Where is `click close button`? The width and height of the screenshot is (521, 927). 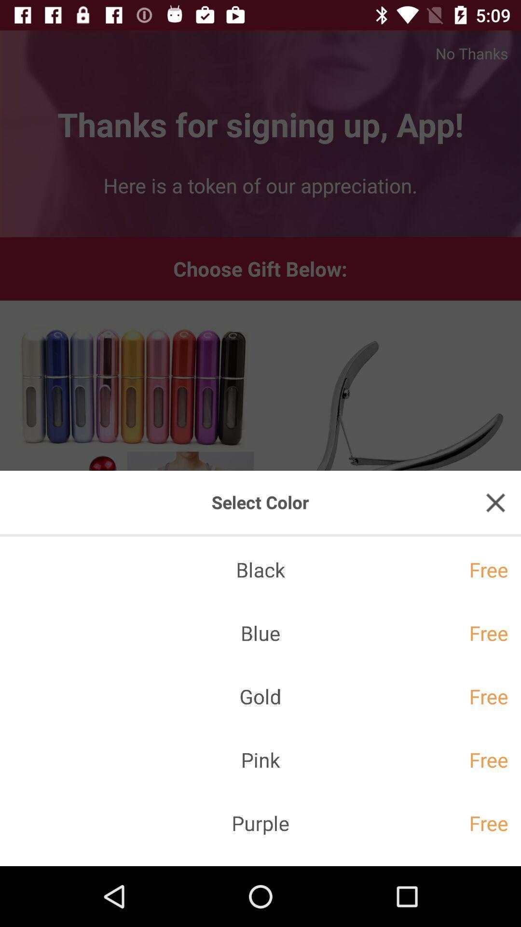
click close button is located at coordinates (495, 502).